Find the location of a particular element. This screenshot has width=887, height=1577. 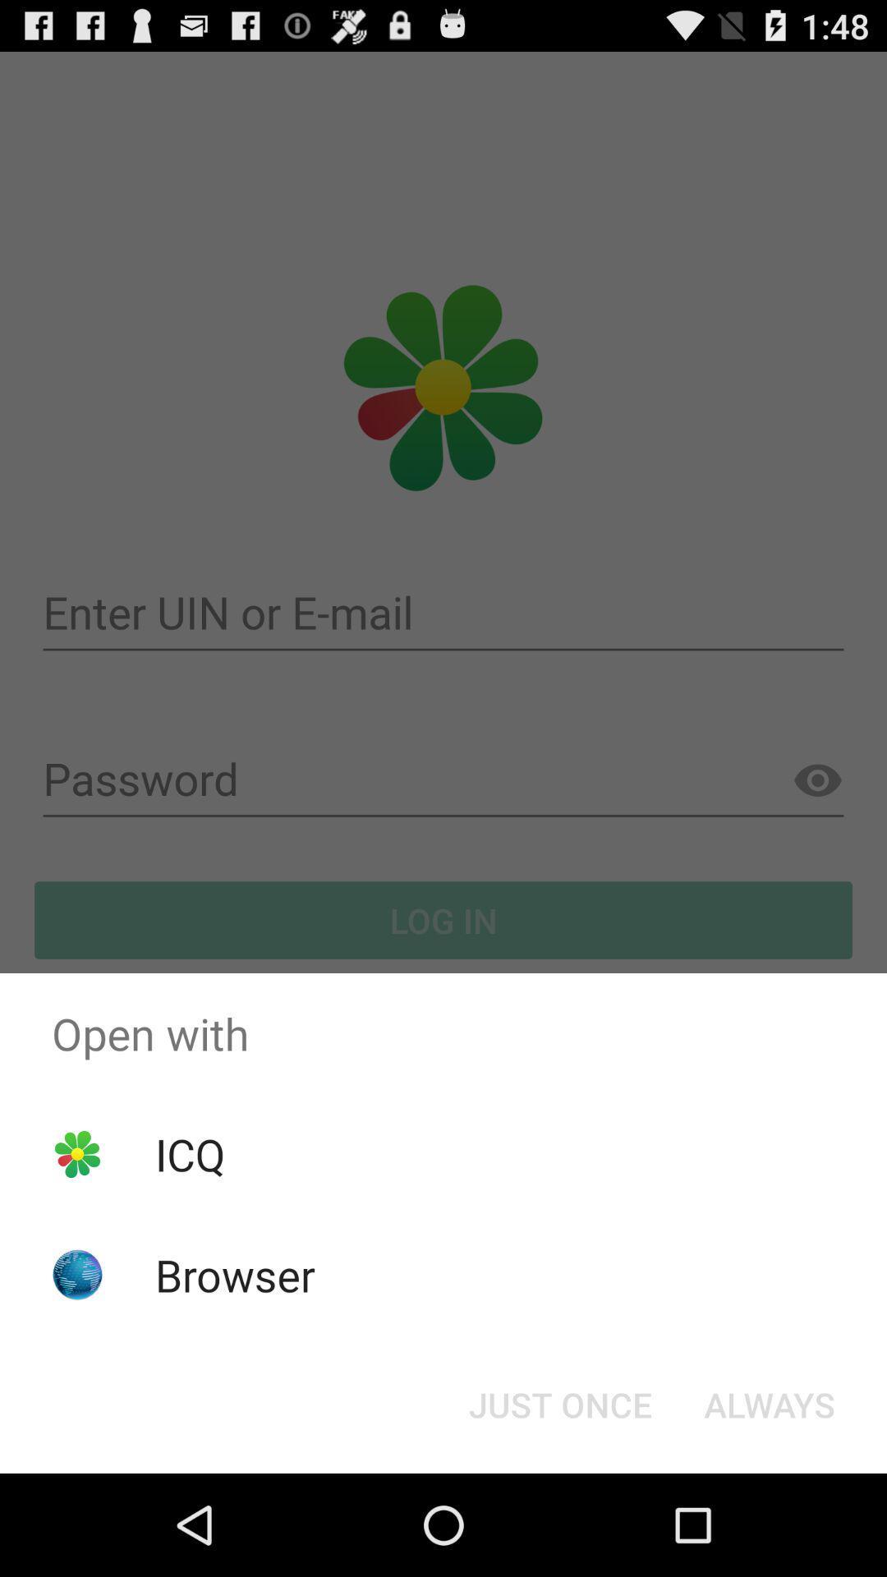

browser is located at coordinates (235, 1274).